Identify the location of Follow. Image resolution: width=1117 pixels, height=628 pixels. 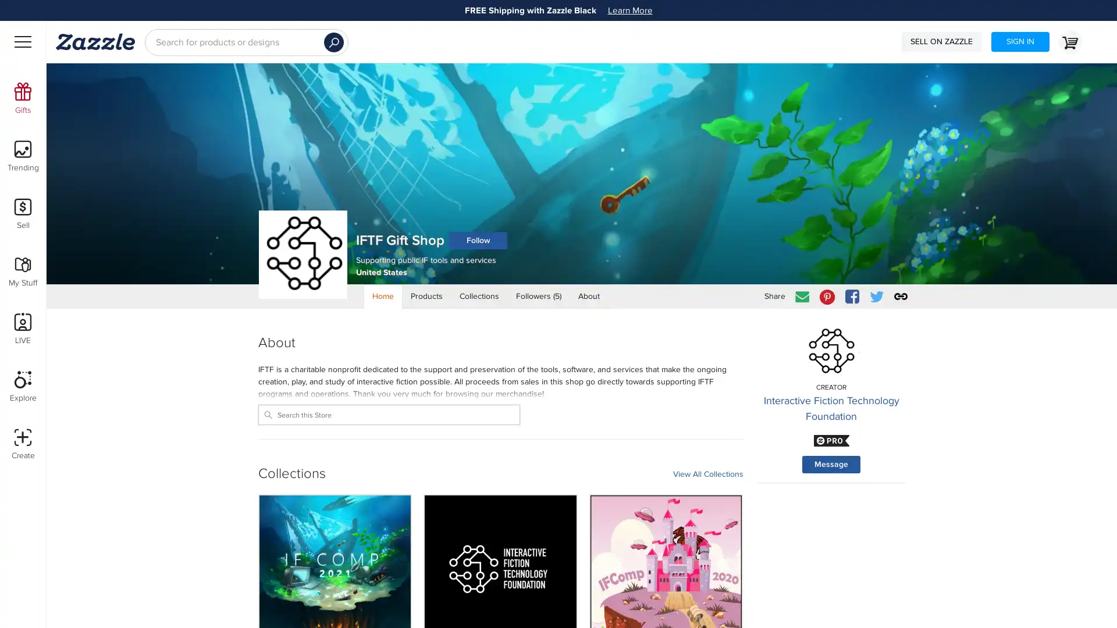
(478, 240).